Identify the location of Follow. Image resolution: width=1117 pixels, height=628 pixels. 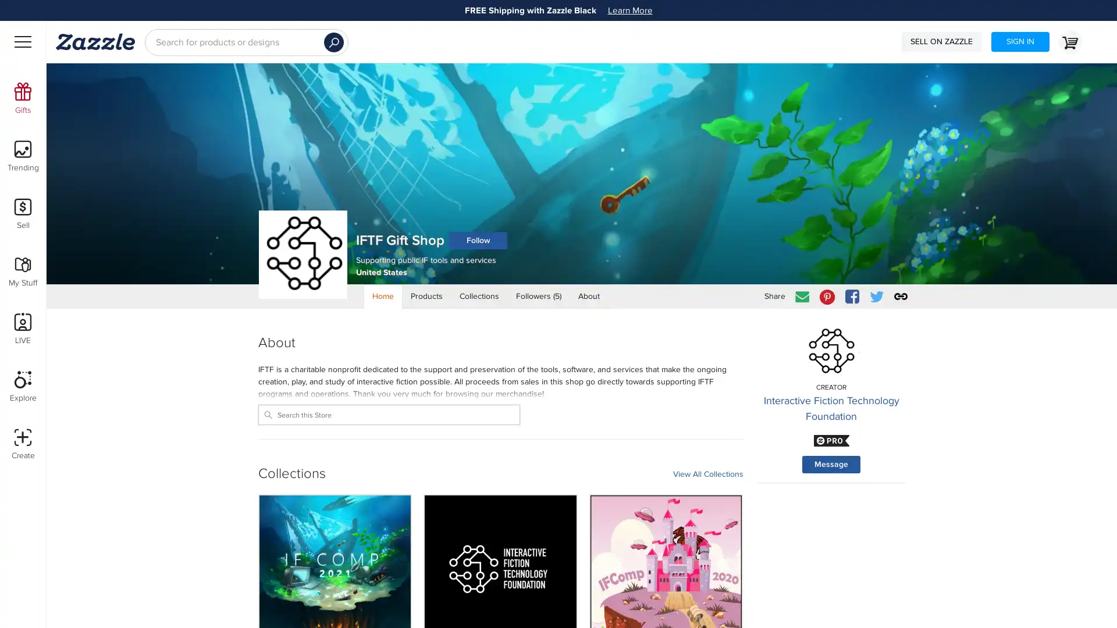
(478, 240).